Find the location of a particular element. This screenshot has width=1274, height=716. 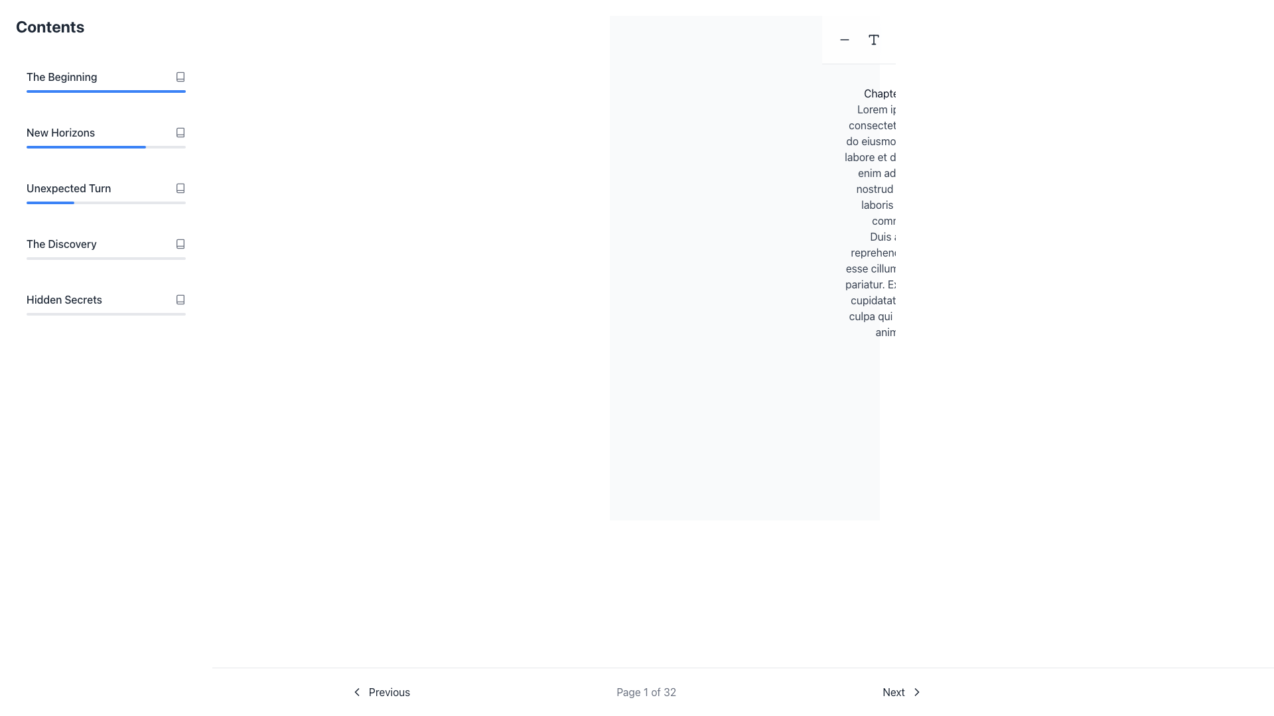

the text label reading 'Unexpected Turn' is located at coordinates (68, 188).